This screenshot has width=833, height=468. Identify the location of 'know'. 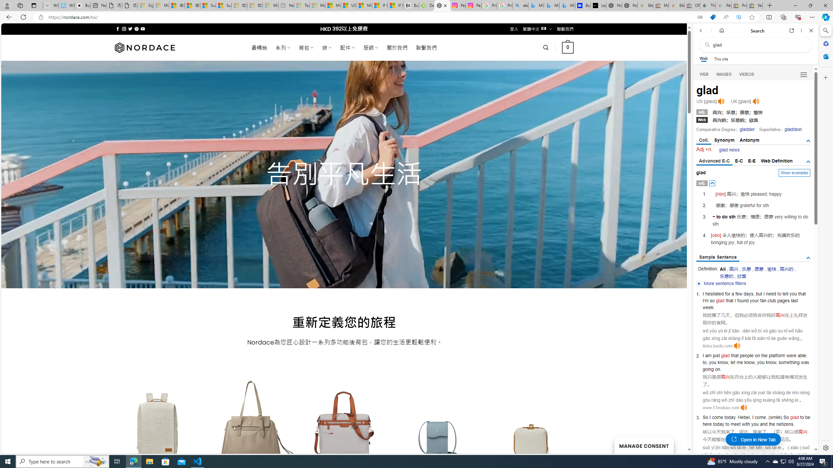
(771, 362).